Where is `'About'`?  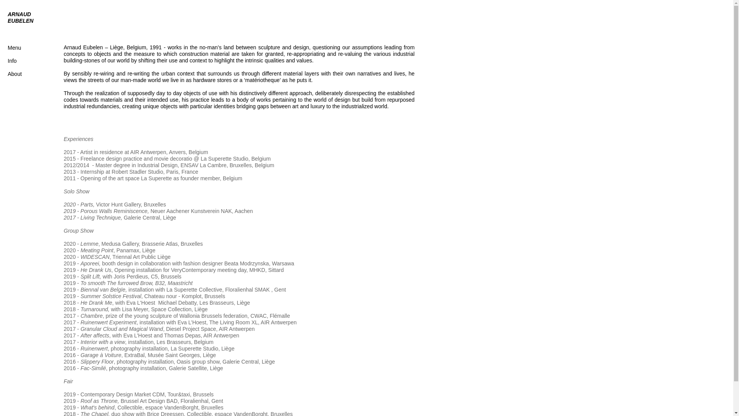 'About' is located at coordinates (7, 74).